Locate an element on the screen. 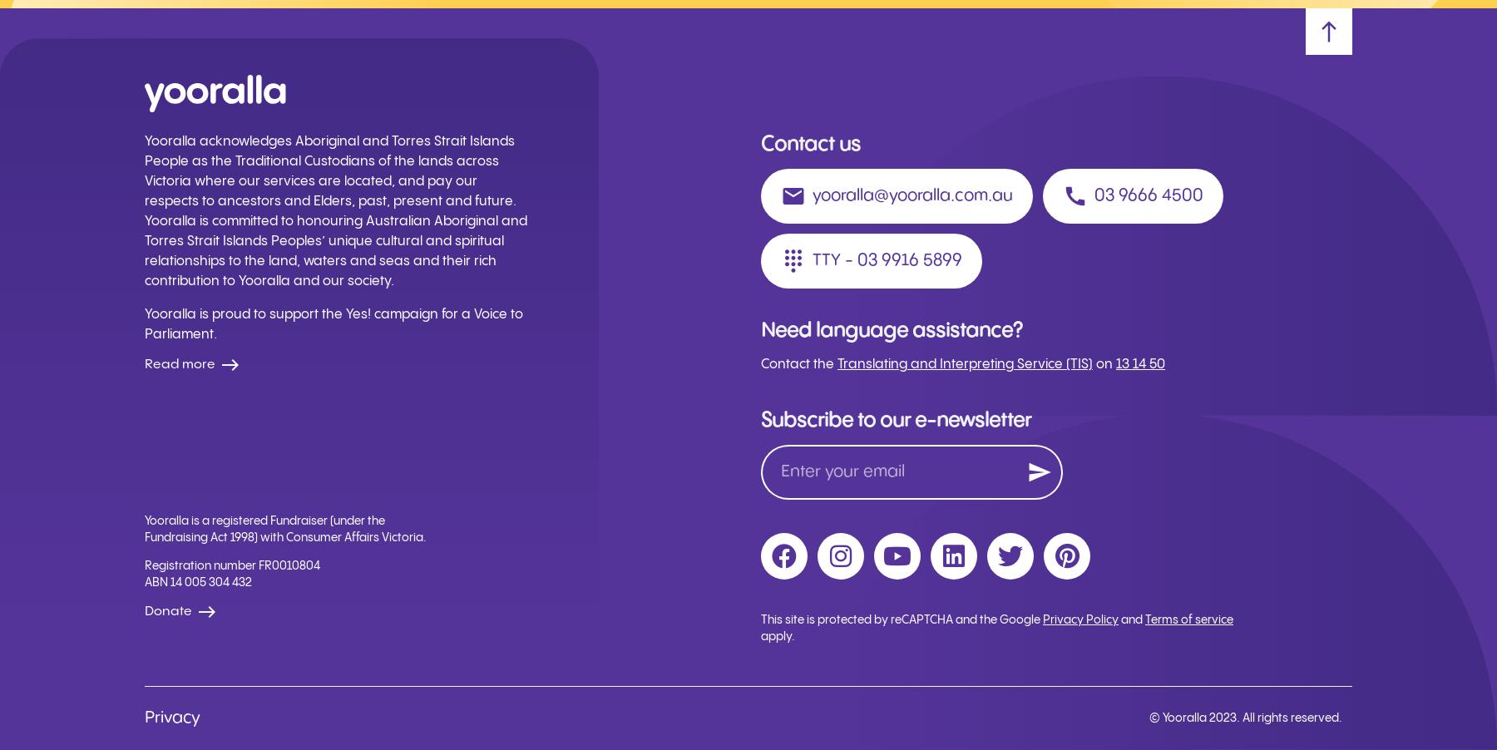 Image resolution: width=1497 pixels, height=750 pixels. 'Read more' is located at coordinates (180, 364).